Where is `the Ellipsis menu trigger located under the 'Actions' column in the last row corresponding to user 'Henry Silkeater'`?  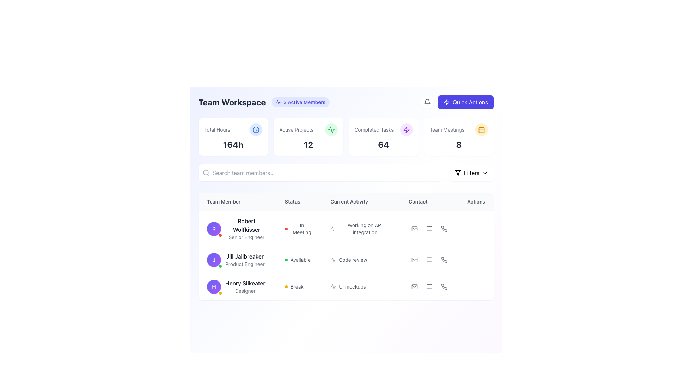 the Ellipsis menu trigger located under the 'Actions' column in the last row corresponding to user 'Henry Silkeater' is located at coordinates (476, 287).